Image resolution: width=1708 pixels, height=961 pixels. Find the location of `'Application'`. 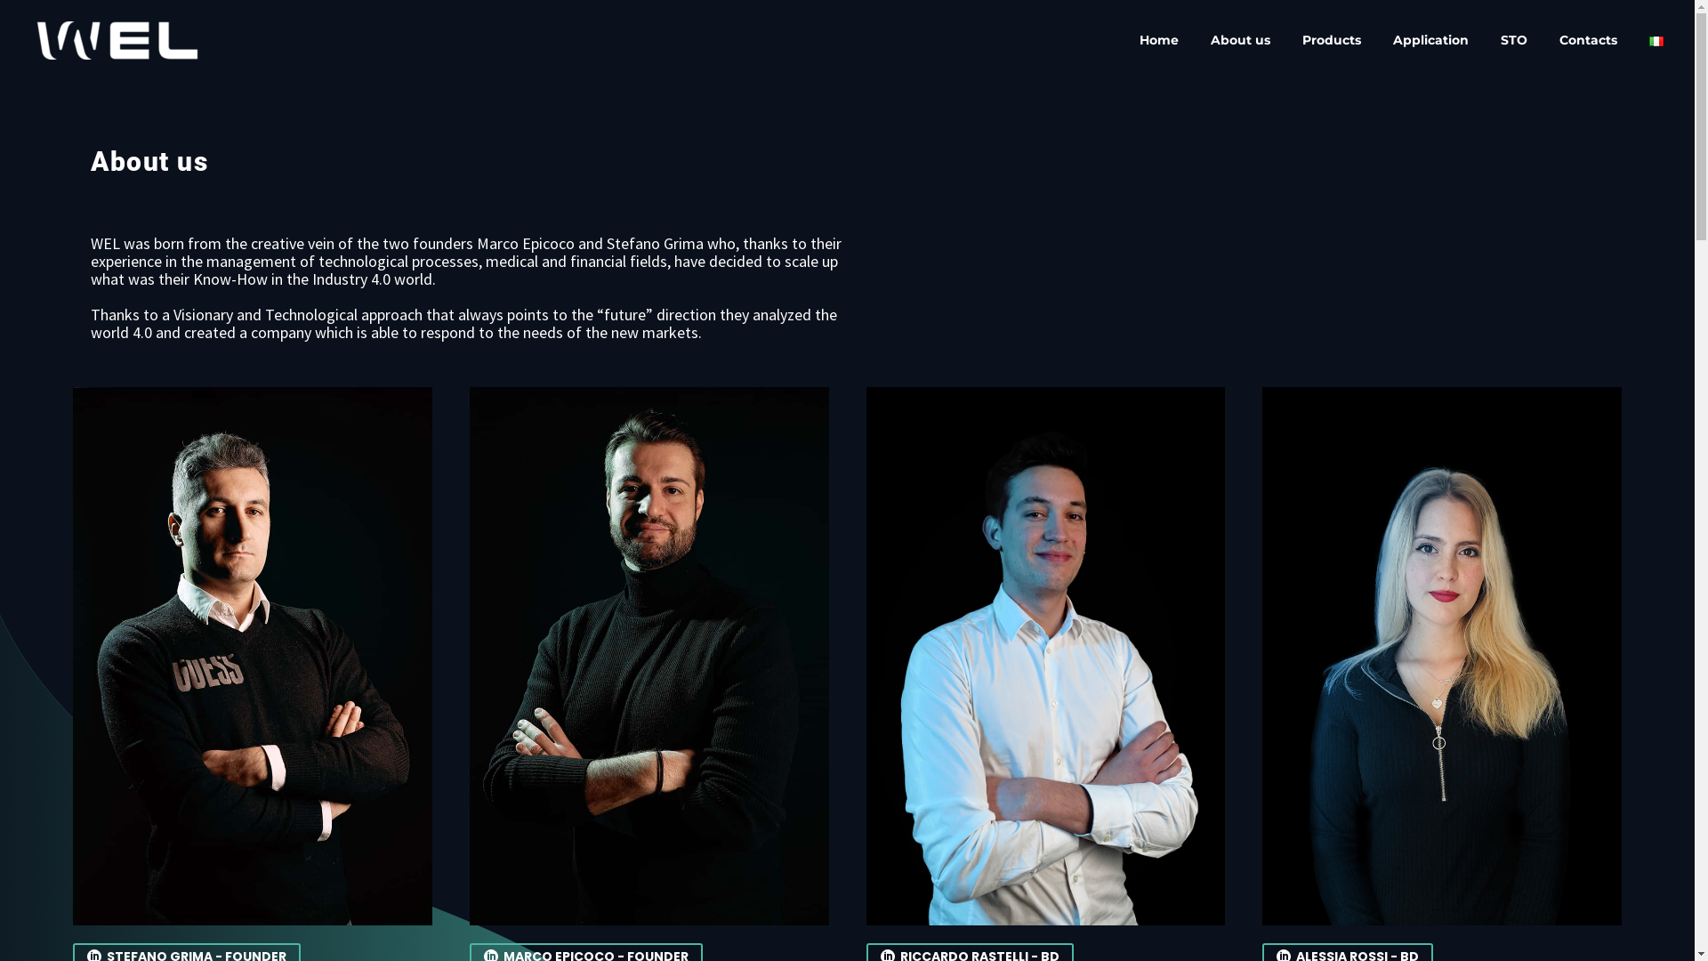

'Application' is located at coordinates (1430, 40).